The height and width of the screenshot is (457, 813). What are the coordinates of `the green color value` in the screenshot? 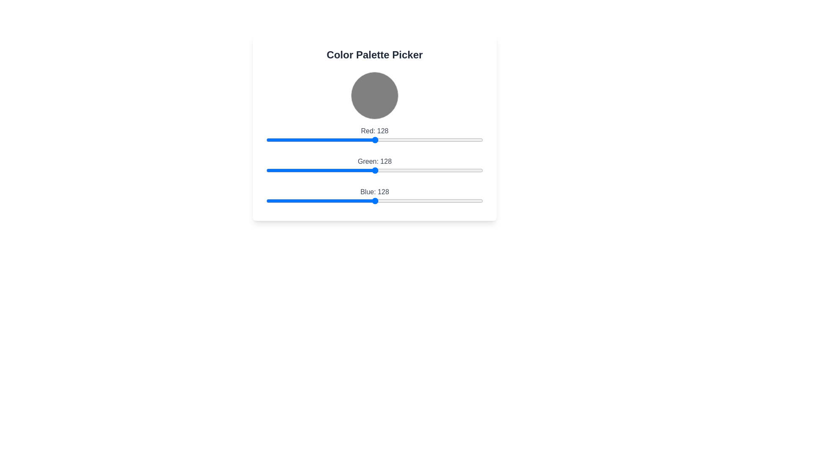 It's located at (431, 170).